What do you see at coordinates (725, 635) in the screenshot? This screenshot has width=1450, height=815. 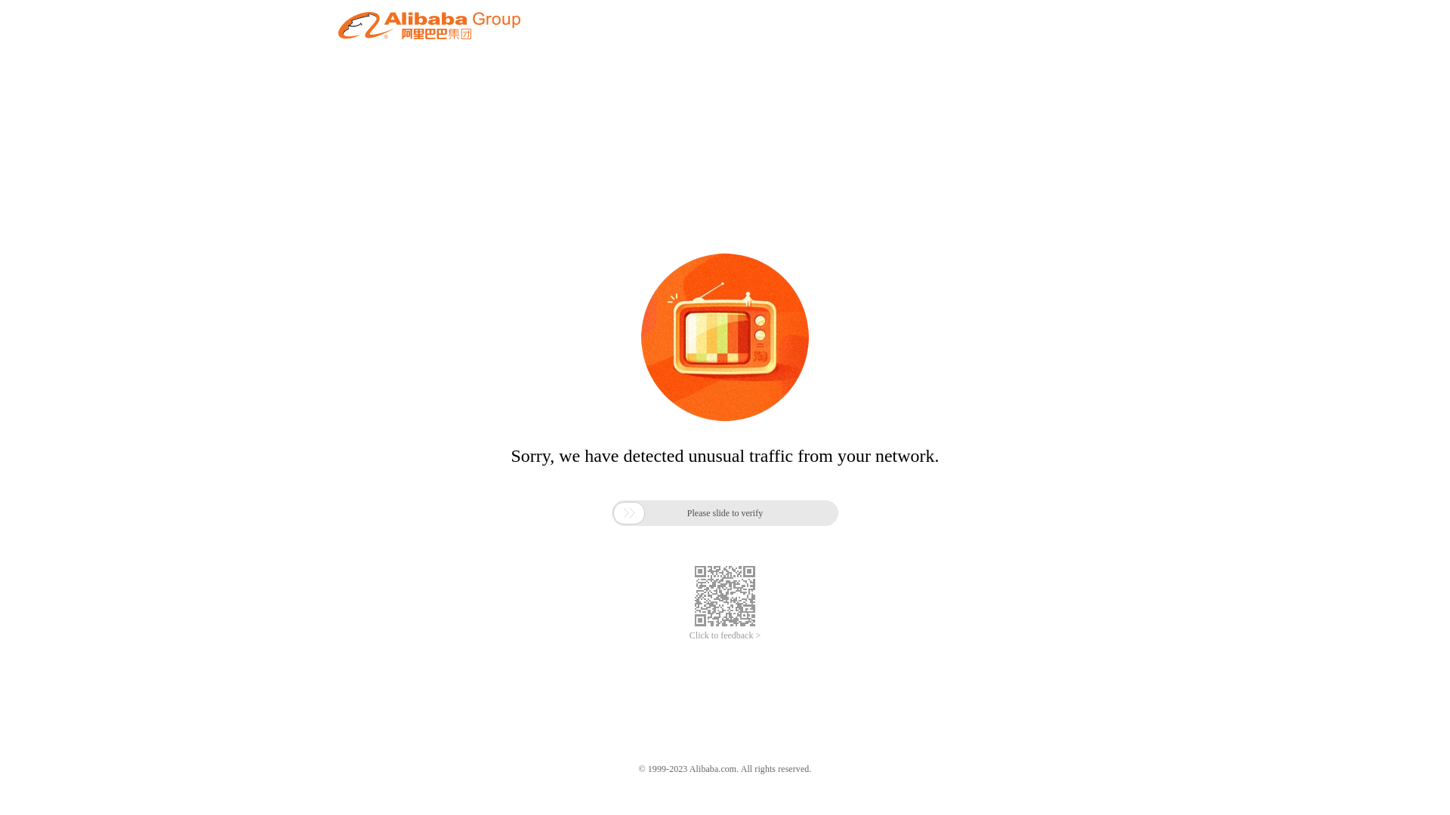 I see `'Click to feedback >'` at bounding box center [725, 635].